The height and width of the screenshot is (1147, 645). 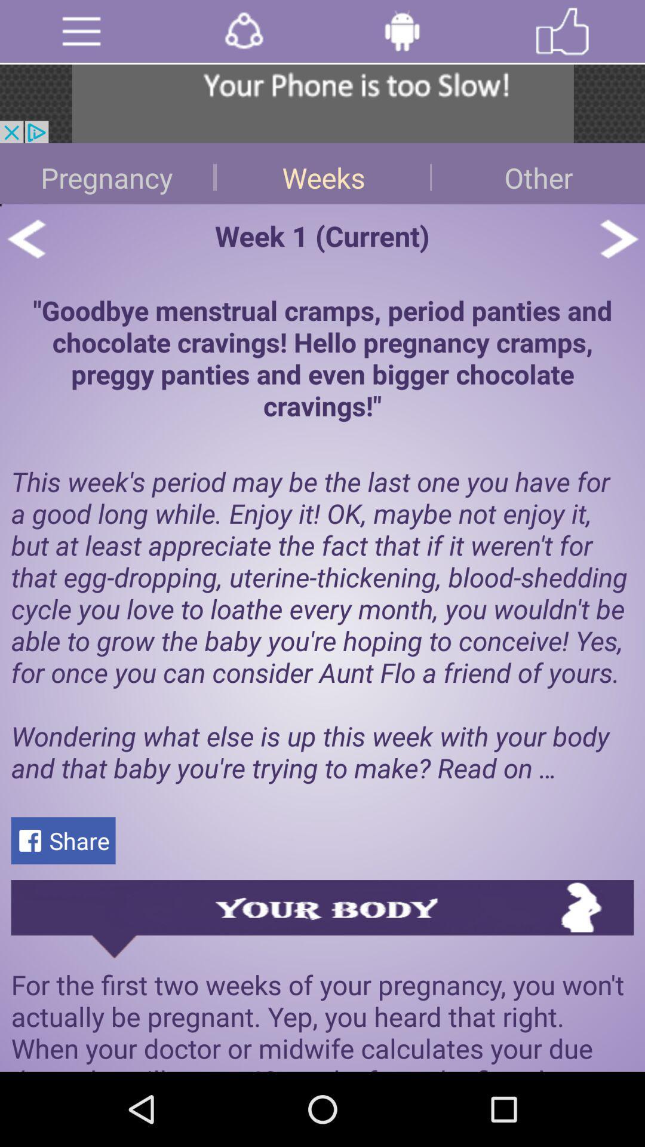 I want to click on next, so click(x=618, y=238).